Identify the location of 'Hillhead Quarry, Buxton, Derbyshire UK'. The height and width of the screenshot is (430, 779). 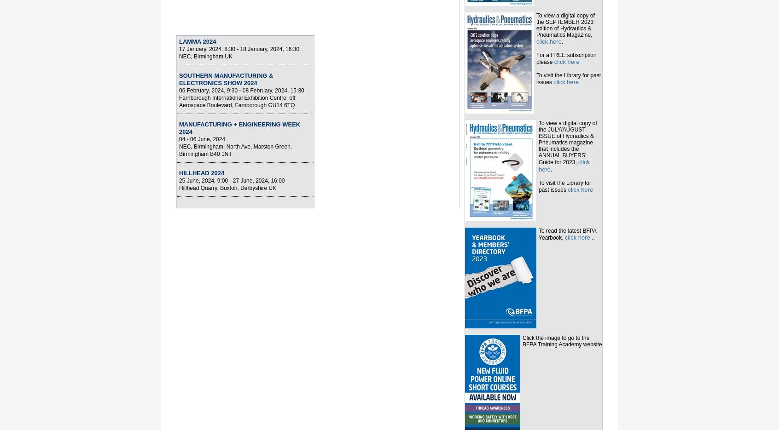
(227, 188).